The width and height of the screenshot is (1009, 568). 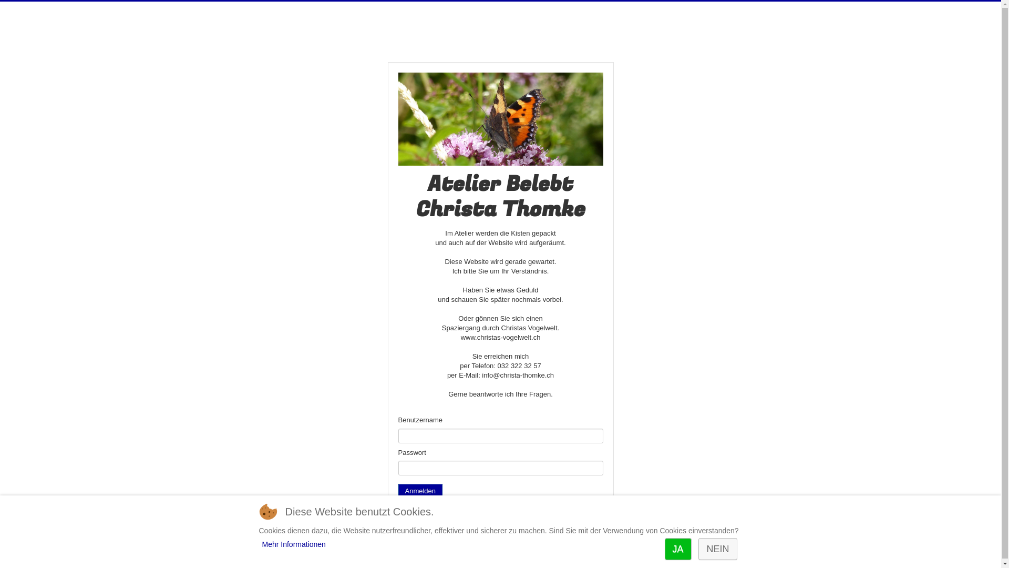 What do you see at coordinates (398, 468) in the screenshot?
I see `'Passwort'` at bounding box center [398, 468].